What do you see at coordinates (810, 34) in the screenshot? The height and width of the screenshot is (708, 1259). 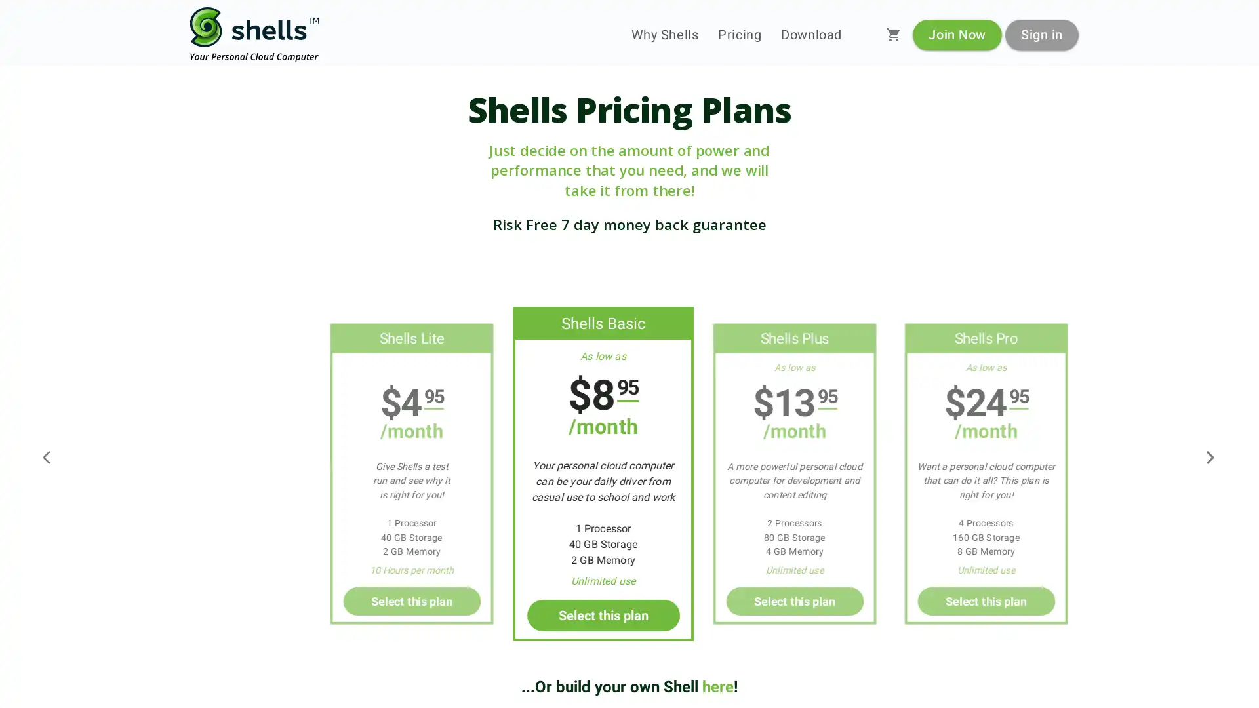 I see `Download` at bounding box center [810, 34].